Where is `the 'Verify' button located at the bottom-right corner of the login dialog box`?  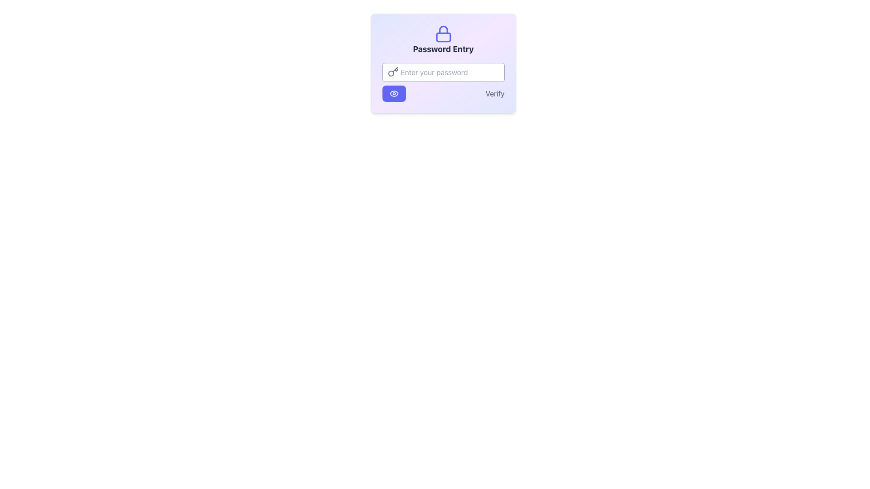 the 'Verify' button located at the bottom-right corner of the login dialog box is located at coordinates (494, 94).